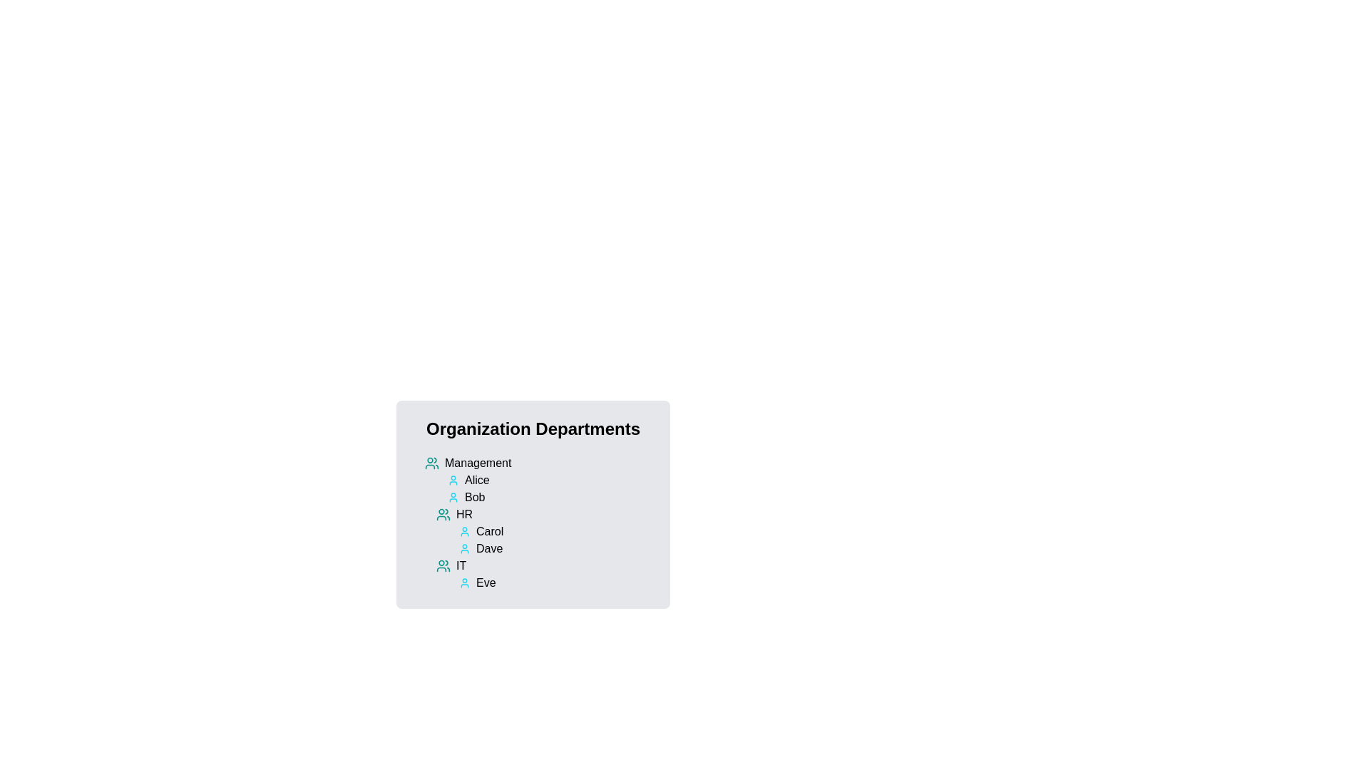  What do you see at coordinates (478, 463) in the screenshot?
I see `text label that says 'Management', which is bold and positioned next to a teal user icon under the 'Organization Departments' header` at bounding box center [478, 463].